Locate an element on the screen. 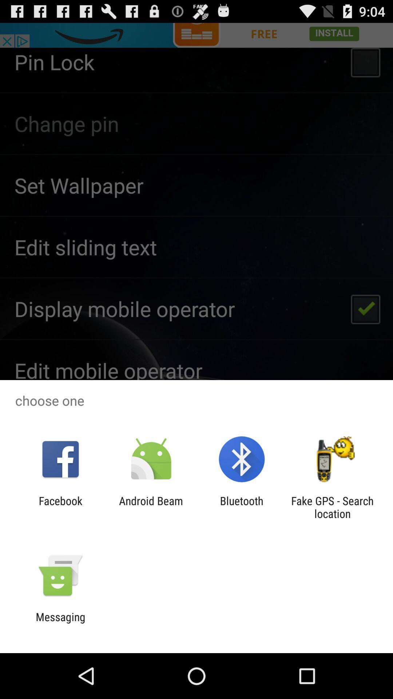 This screenshot has height=699, width=393. item to the left of fake gps search app is located at coordinates (242, 507).